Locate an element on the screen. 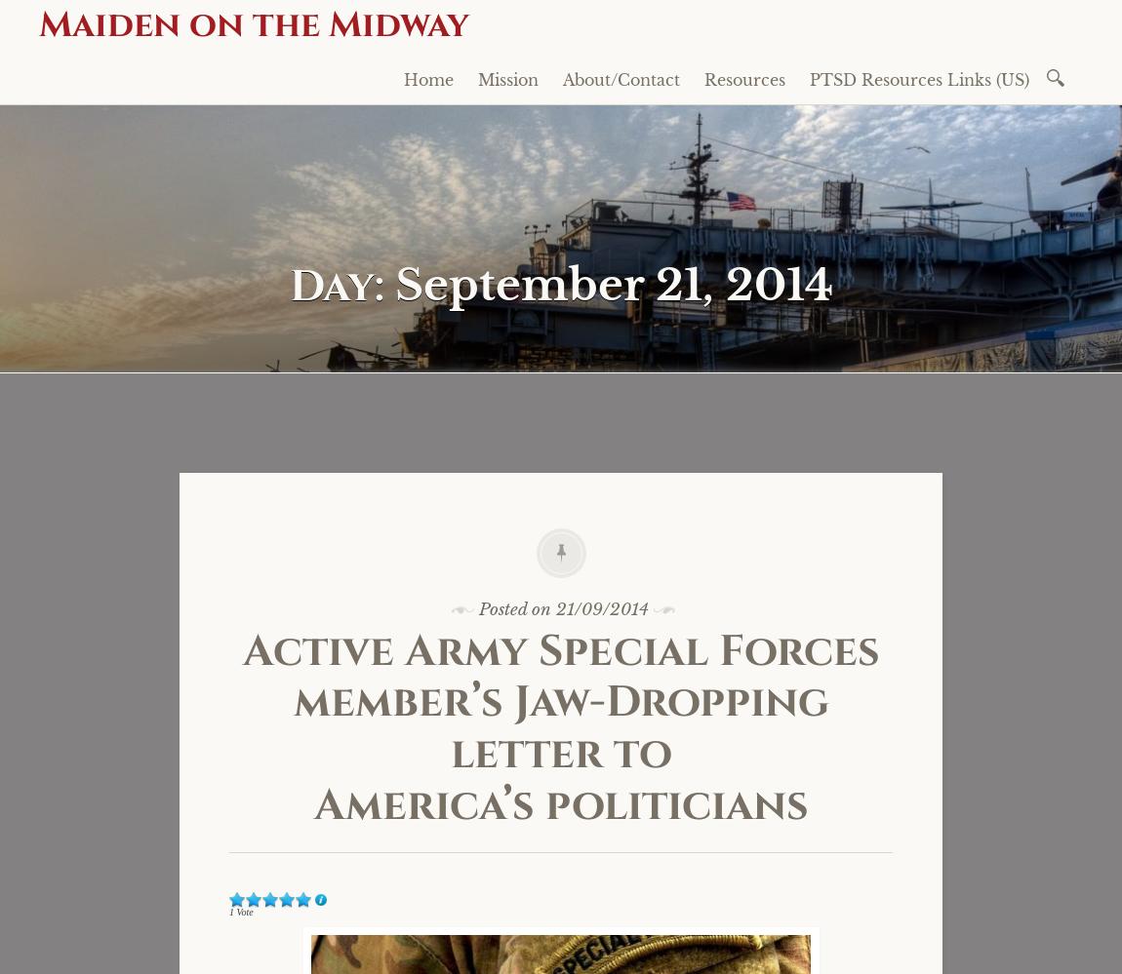  '1 Vote' is located at coordinates (240, 911).